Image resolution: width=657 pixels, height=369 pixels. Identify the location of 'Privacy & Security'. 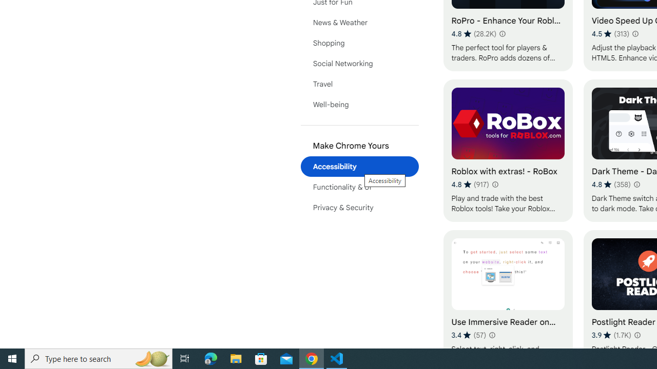
(359, 208).